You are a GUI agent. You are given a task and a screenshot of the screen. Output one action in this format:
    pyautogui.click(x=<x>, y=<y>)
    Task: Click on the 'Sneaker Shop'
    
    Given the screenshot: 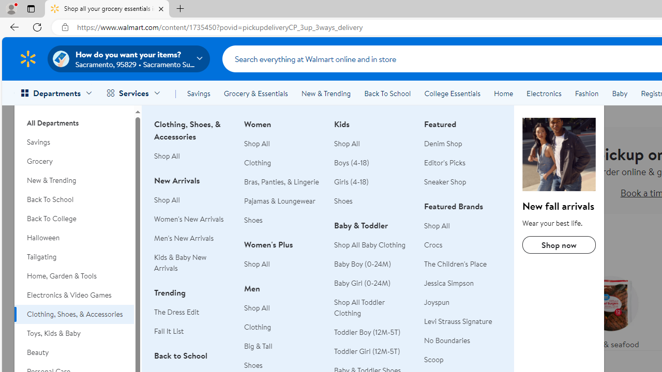 What is the action you would take?
    pyautogui.click(x=462, y=181)
    